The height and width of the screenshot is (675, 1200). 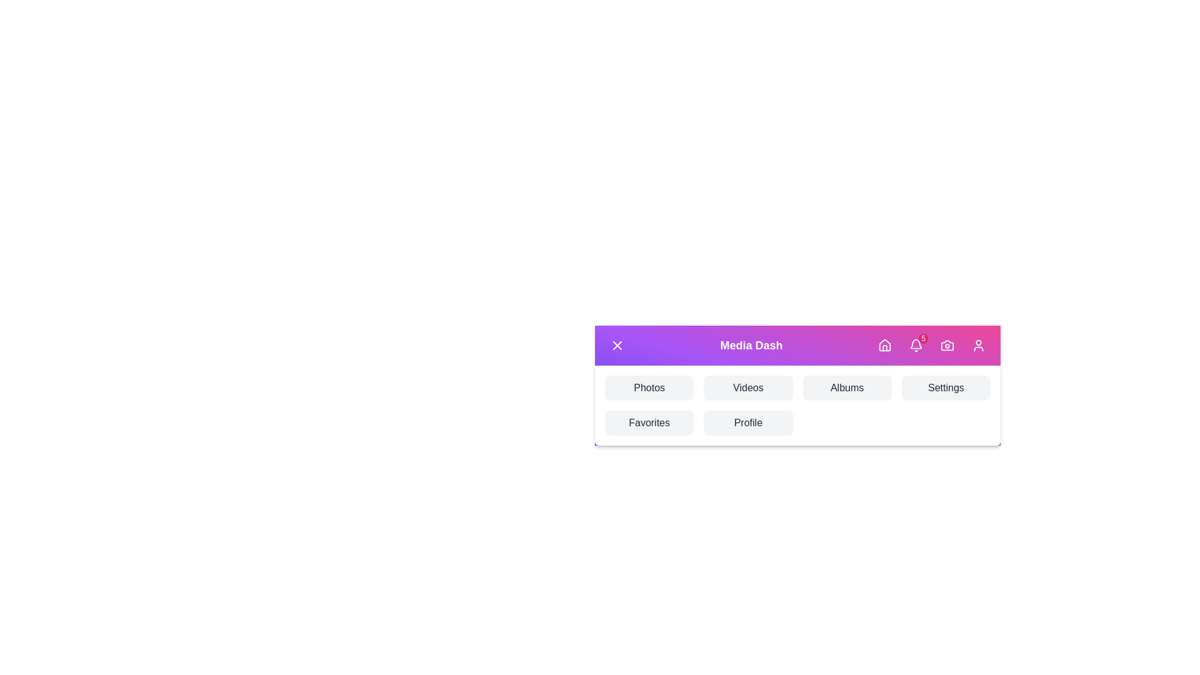 What do you see at coordinates (847, 387) in the screenshot?
I see `the navigation button labeled Albums to navigate to the respective section` at bounding box center [847, 387].